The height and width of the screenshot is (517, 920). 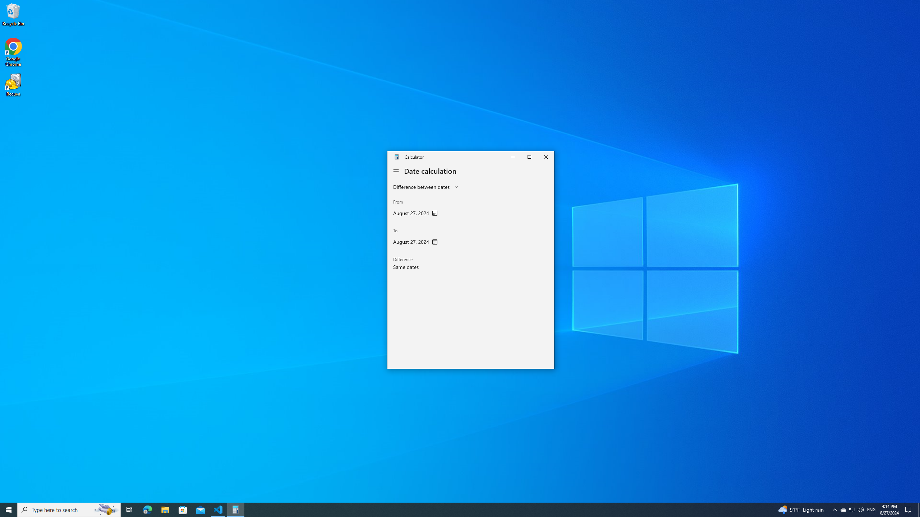 I want to click on 'Running applications', so click(x=446, y=509).